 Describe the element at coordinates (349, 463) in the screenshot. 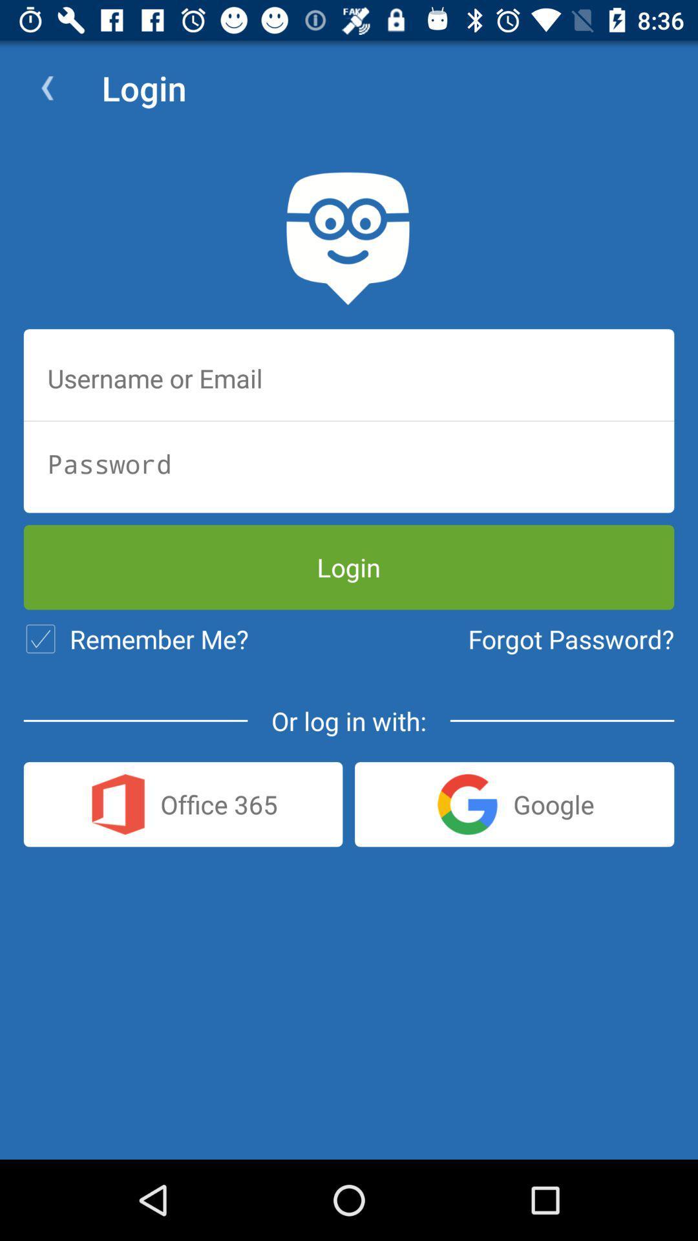

I see `input the password` at that location.